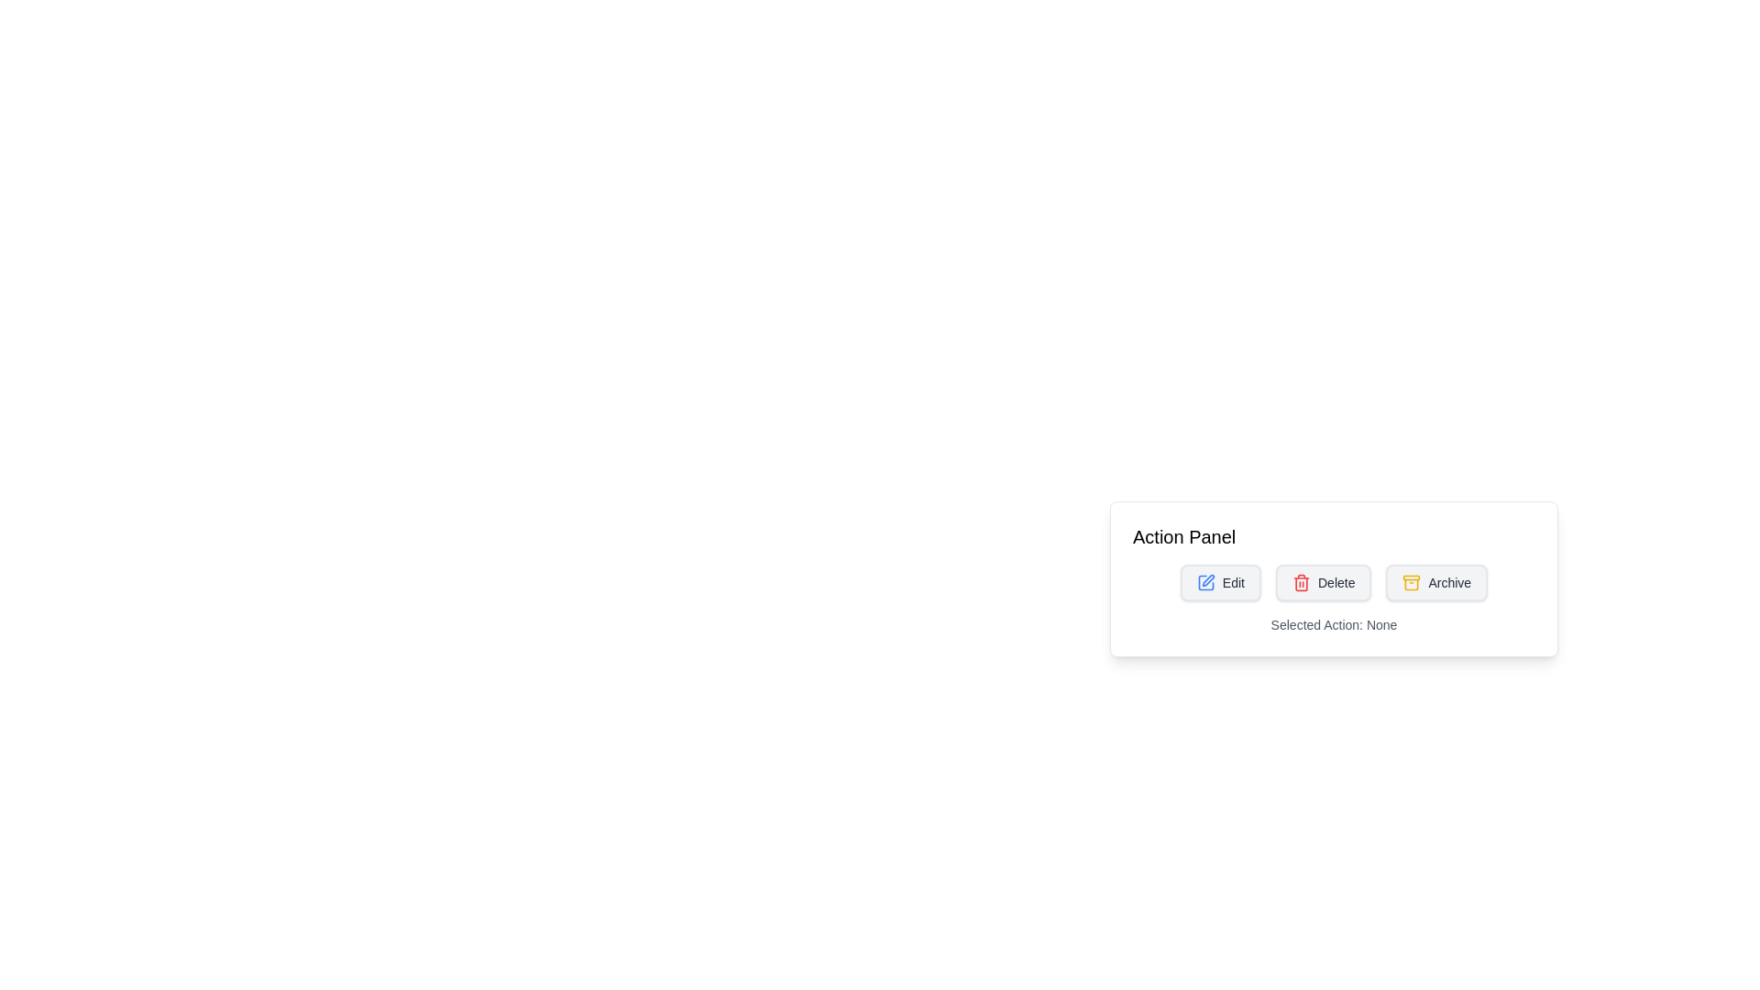 Image resolution: width=1760 pixels, height=990 pixels. Describe the element at coordinates (1324, 583) in the screenshot. I see `the delete button, which is the second button in a horizontal list of three buttons, positioned between 'Edit' and 'Archive'` at that location.